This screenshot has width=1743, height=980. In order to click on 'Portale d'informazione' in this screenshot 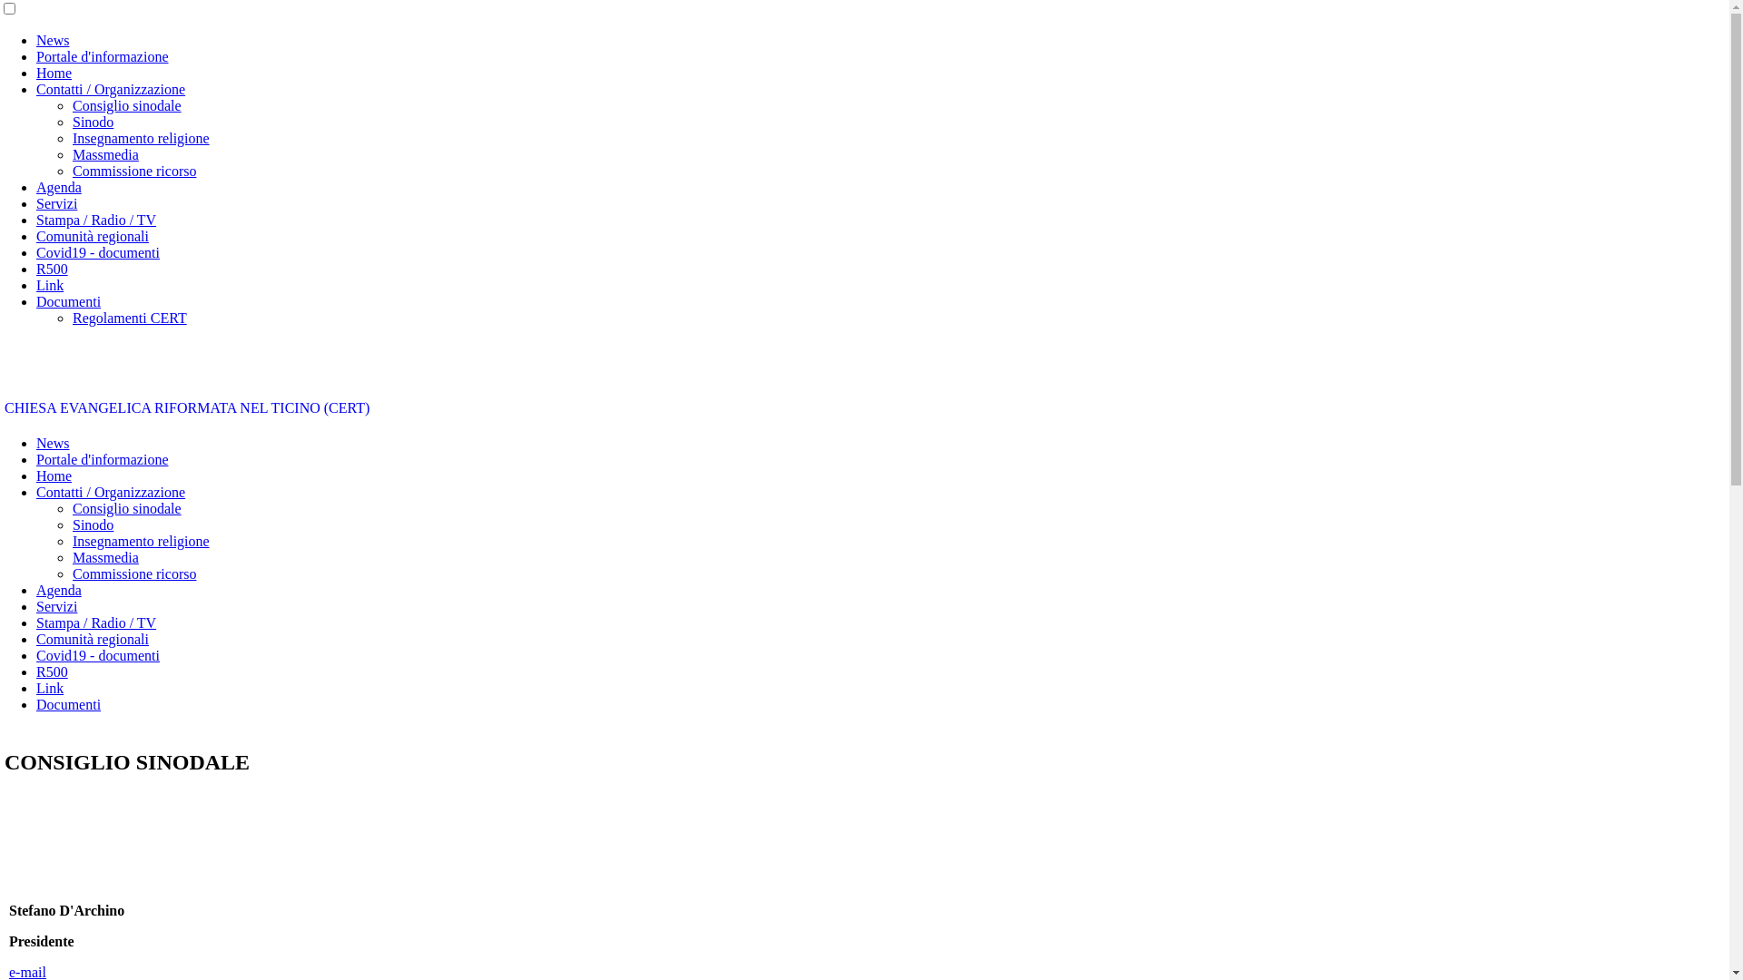, I will do `click(102, 458)`.